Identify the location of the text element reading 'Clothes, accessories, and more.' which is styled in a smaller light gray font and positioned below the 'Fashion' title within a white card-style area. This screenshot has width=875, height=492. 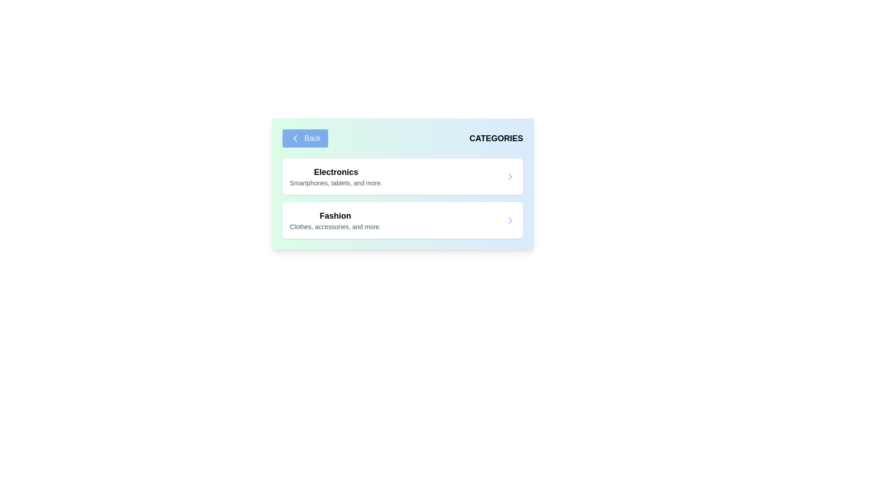
(335, 226).